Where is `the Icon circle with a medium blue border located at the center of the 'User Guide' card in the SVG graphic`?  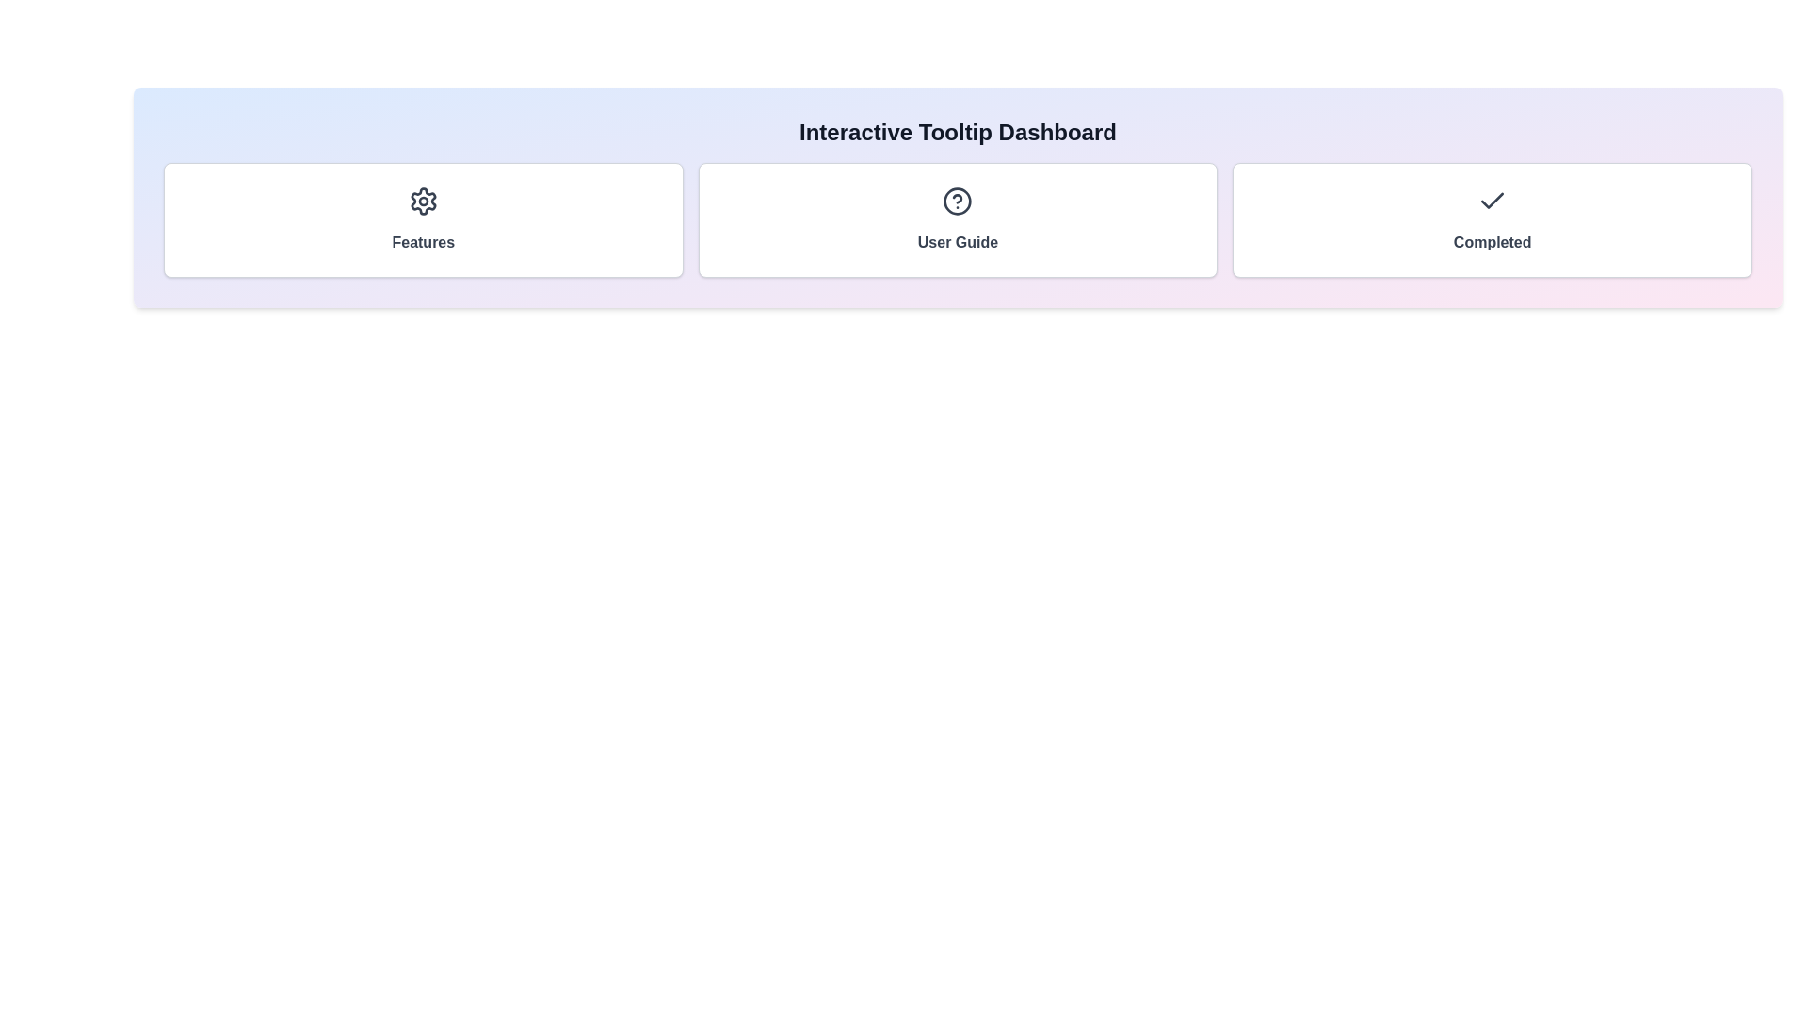 the Icon circle with a medium blue border located at the center of the 'User Guide' card in the SVG graphic is located at coordinates (958, 201).